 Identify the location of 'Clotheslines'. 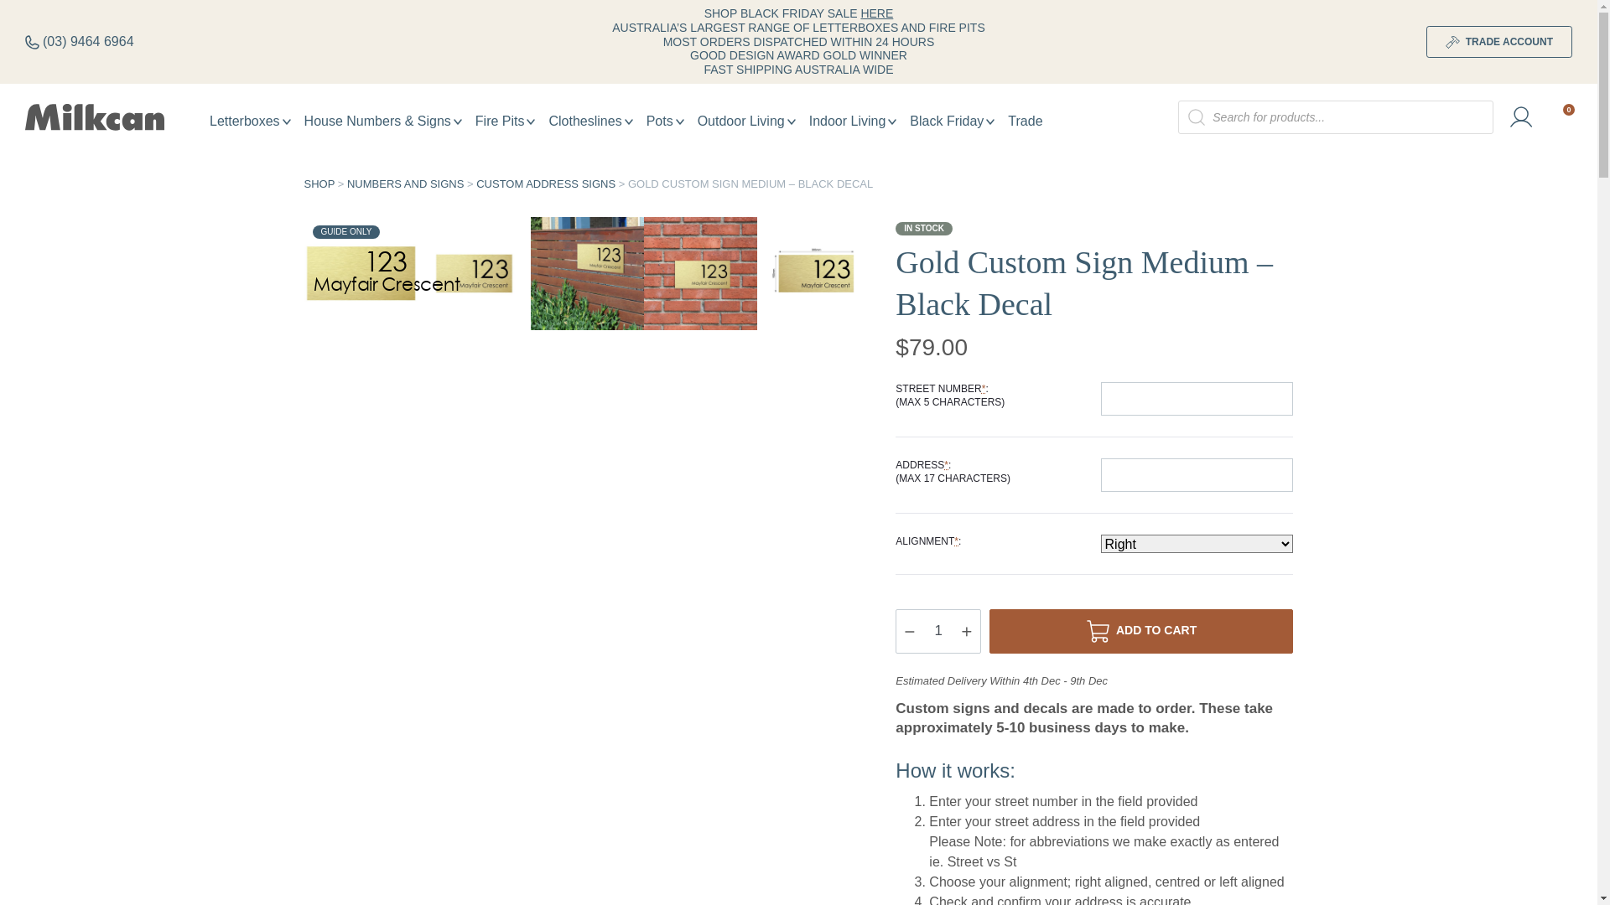
(590, 120).